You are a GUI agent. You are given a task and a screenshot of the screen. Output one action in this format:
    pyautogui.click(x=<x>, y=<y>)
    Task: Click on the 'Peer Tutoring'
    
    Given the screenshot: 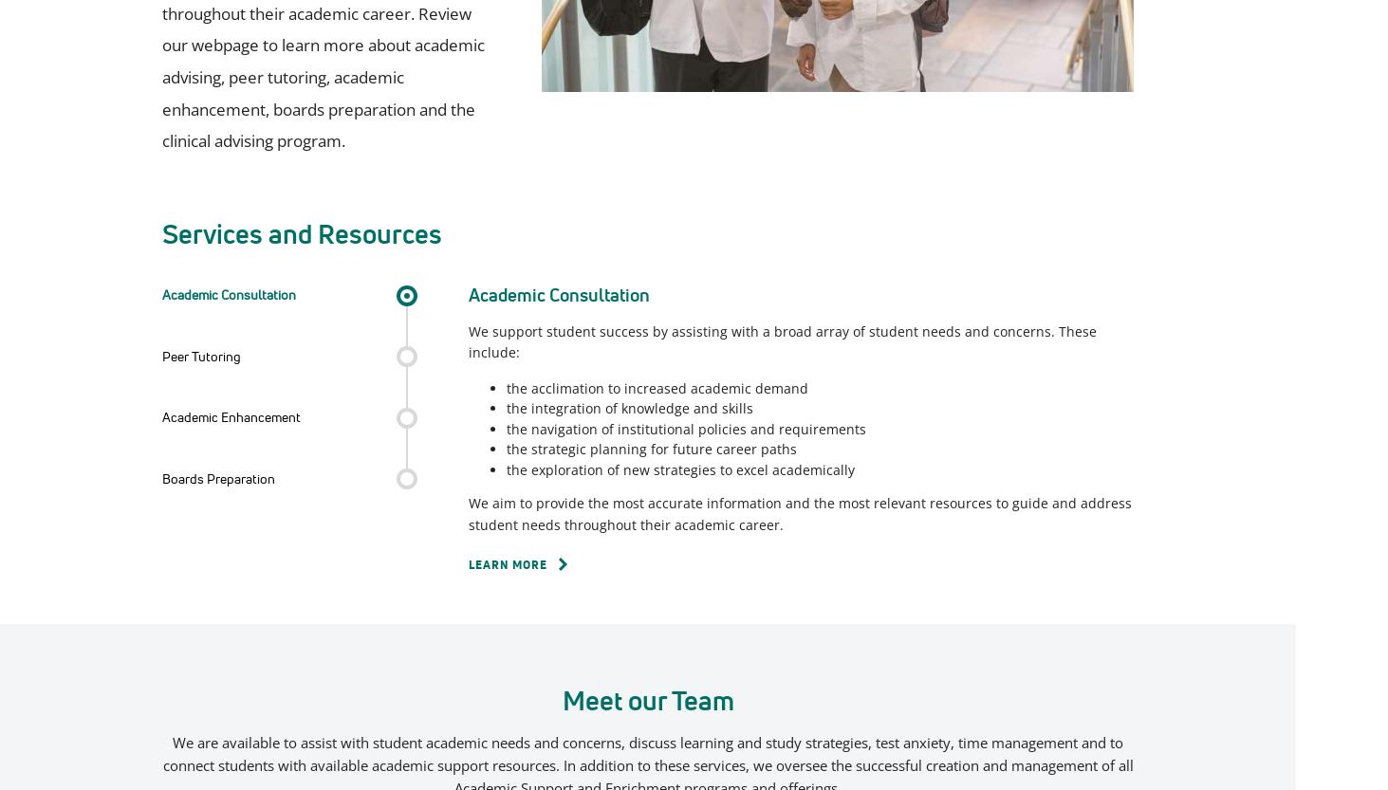 What is the action you would take?
    pyautogui.click(x=200, y=356)
    